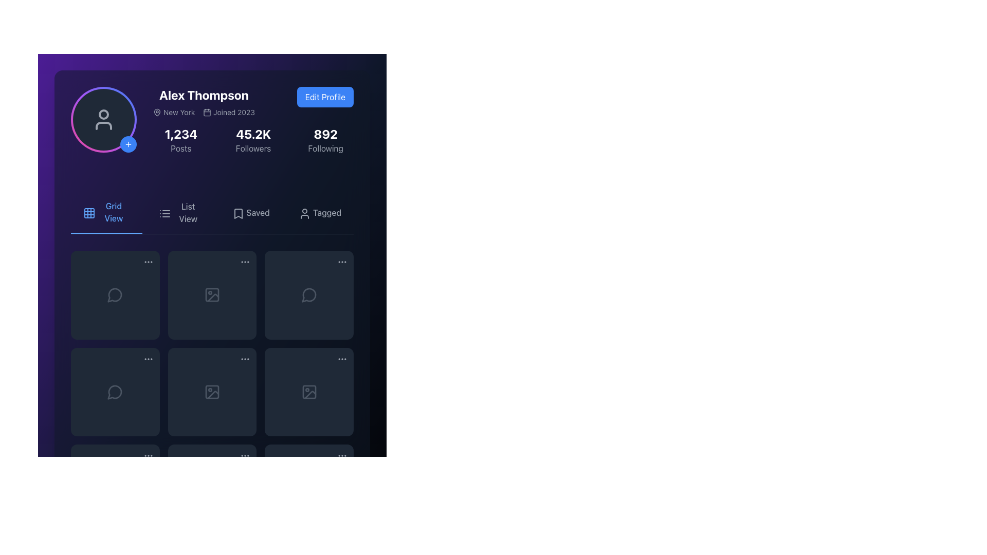  I want to click on the Statistics Display Row located below the user profile details of 'Alex Thompson' and adjacent to the 'Edit Profile' button, so click(253, 140).